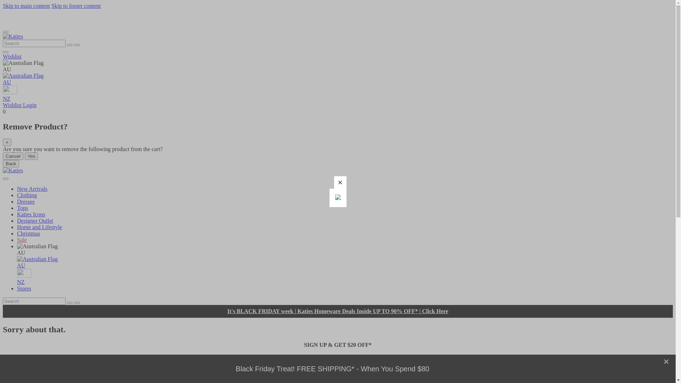 The image size is (681, 383). What do you see at coordinates (3, 170) in the screenshot?
I see `'Katies'` at bounding box center [3, 170].